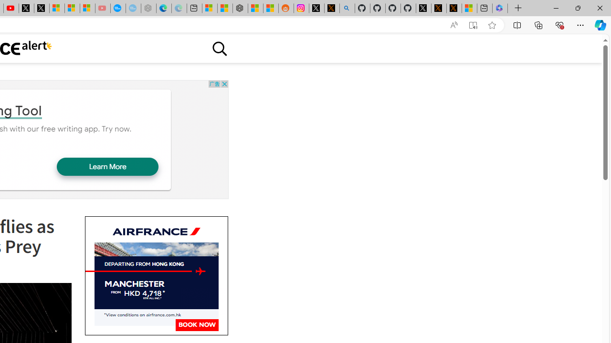 Image resolution: width=611 pixels, height=343 pixels. Describe the element at coordinates (316, 8) in the screenshot. I see `'Log in to X / X'` at that location.